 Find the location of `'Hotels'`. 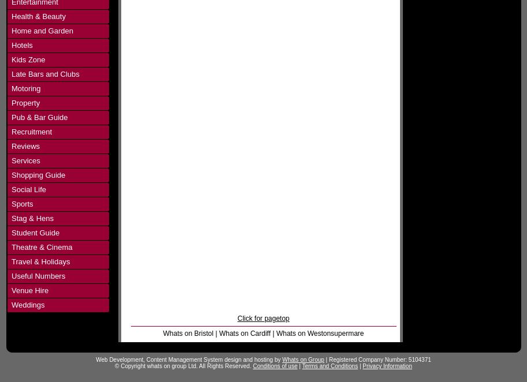

'Hotels' is located at coordinates (21, 45).